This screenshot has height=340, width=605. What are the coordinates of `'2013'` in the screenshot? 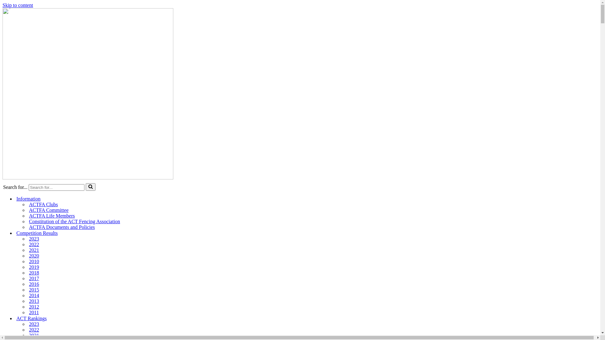 It's located at (34, 301).